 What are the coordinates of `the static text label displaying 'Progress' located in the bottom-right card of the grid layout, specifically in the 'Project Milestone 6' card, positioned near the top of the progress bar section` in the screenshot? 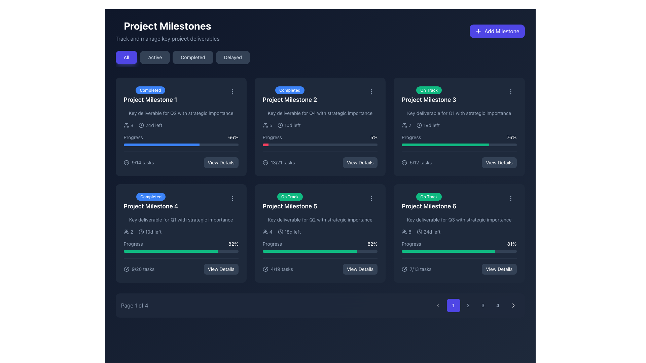 It's located at (411, 244).